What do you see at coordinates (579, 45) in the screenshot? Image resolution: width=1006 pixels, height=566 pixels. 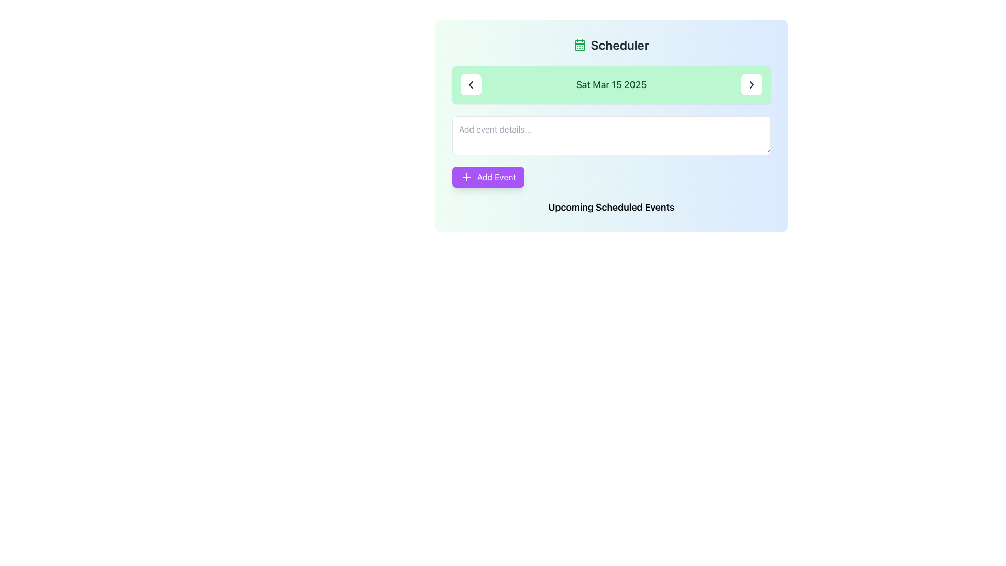 I see `the date block SVG shape located at the center of the calendar icon, which is surrounded by smaller decorative elements` at bounding box center [579, 45].